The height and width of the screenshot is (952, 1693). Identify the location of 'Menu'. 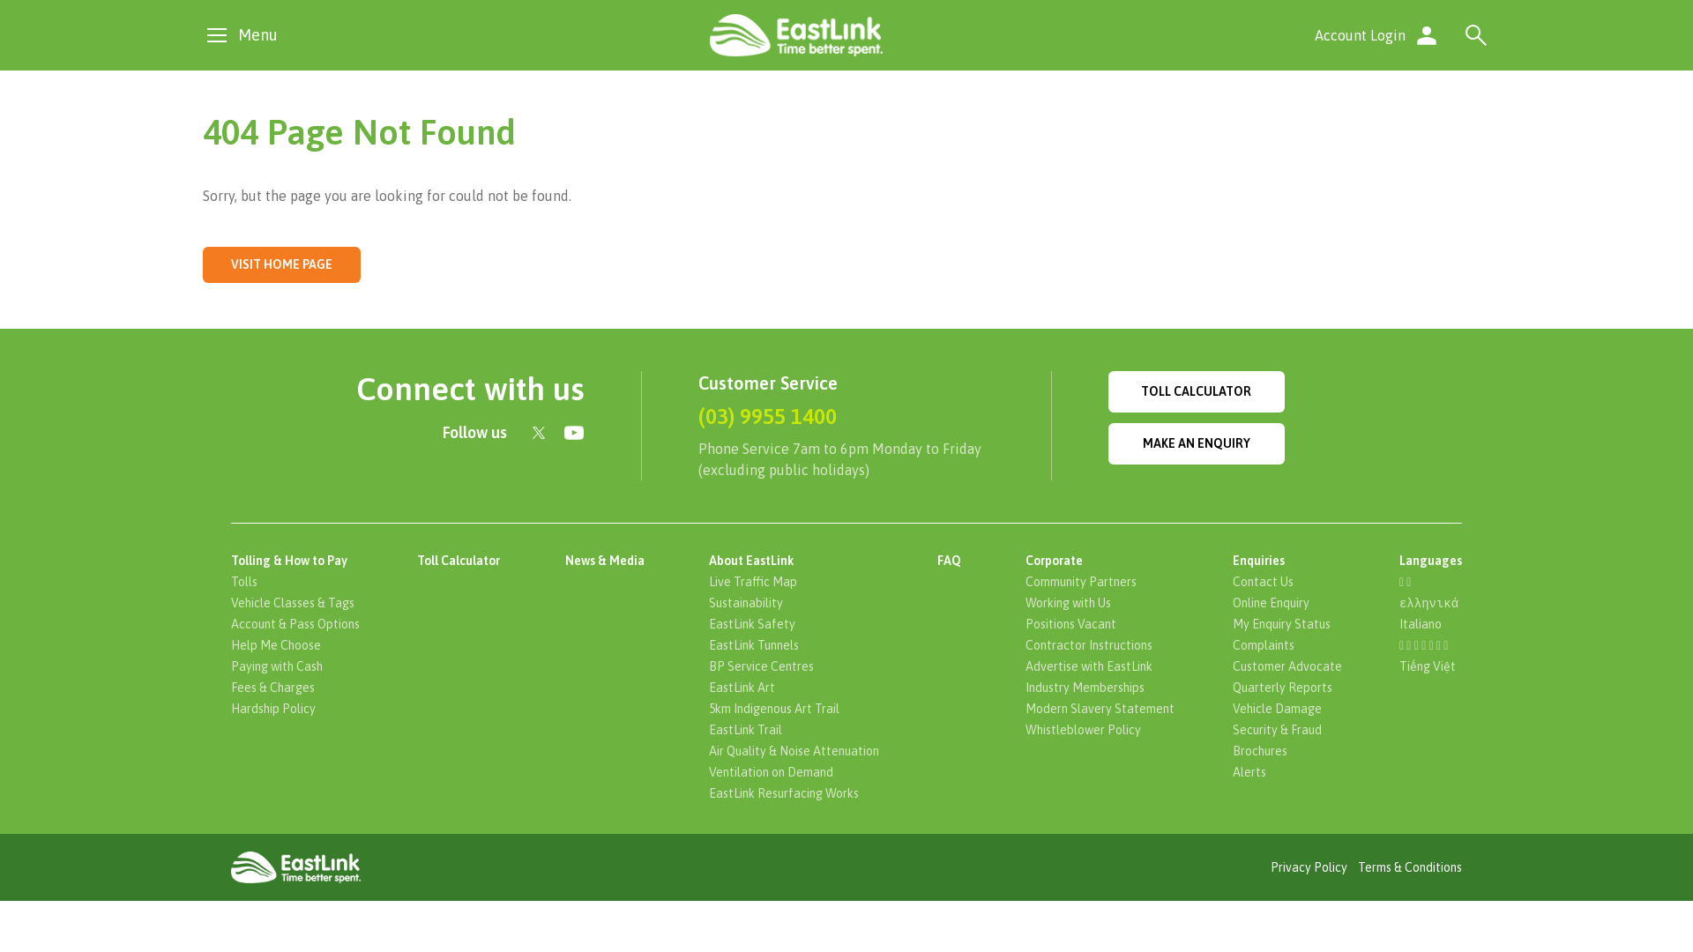
(239, 34).